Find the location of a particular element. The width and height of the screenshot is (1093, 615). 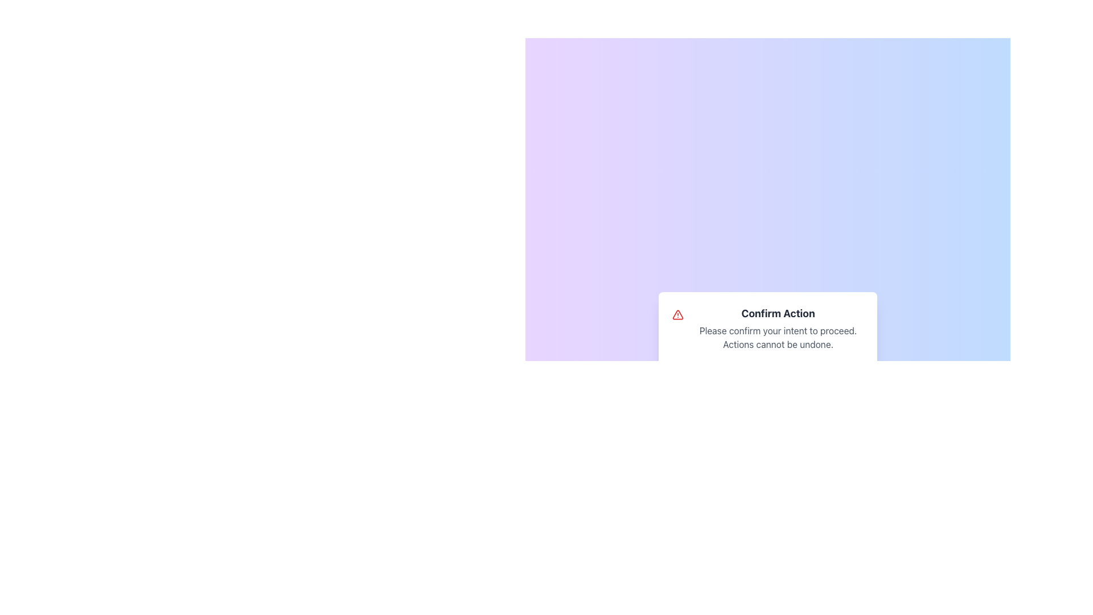

text message displayed in gray font located below the bold heading 'Confirm Action' inside the content box is located at coordinates (778, 337).